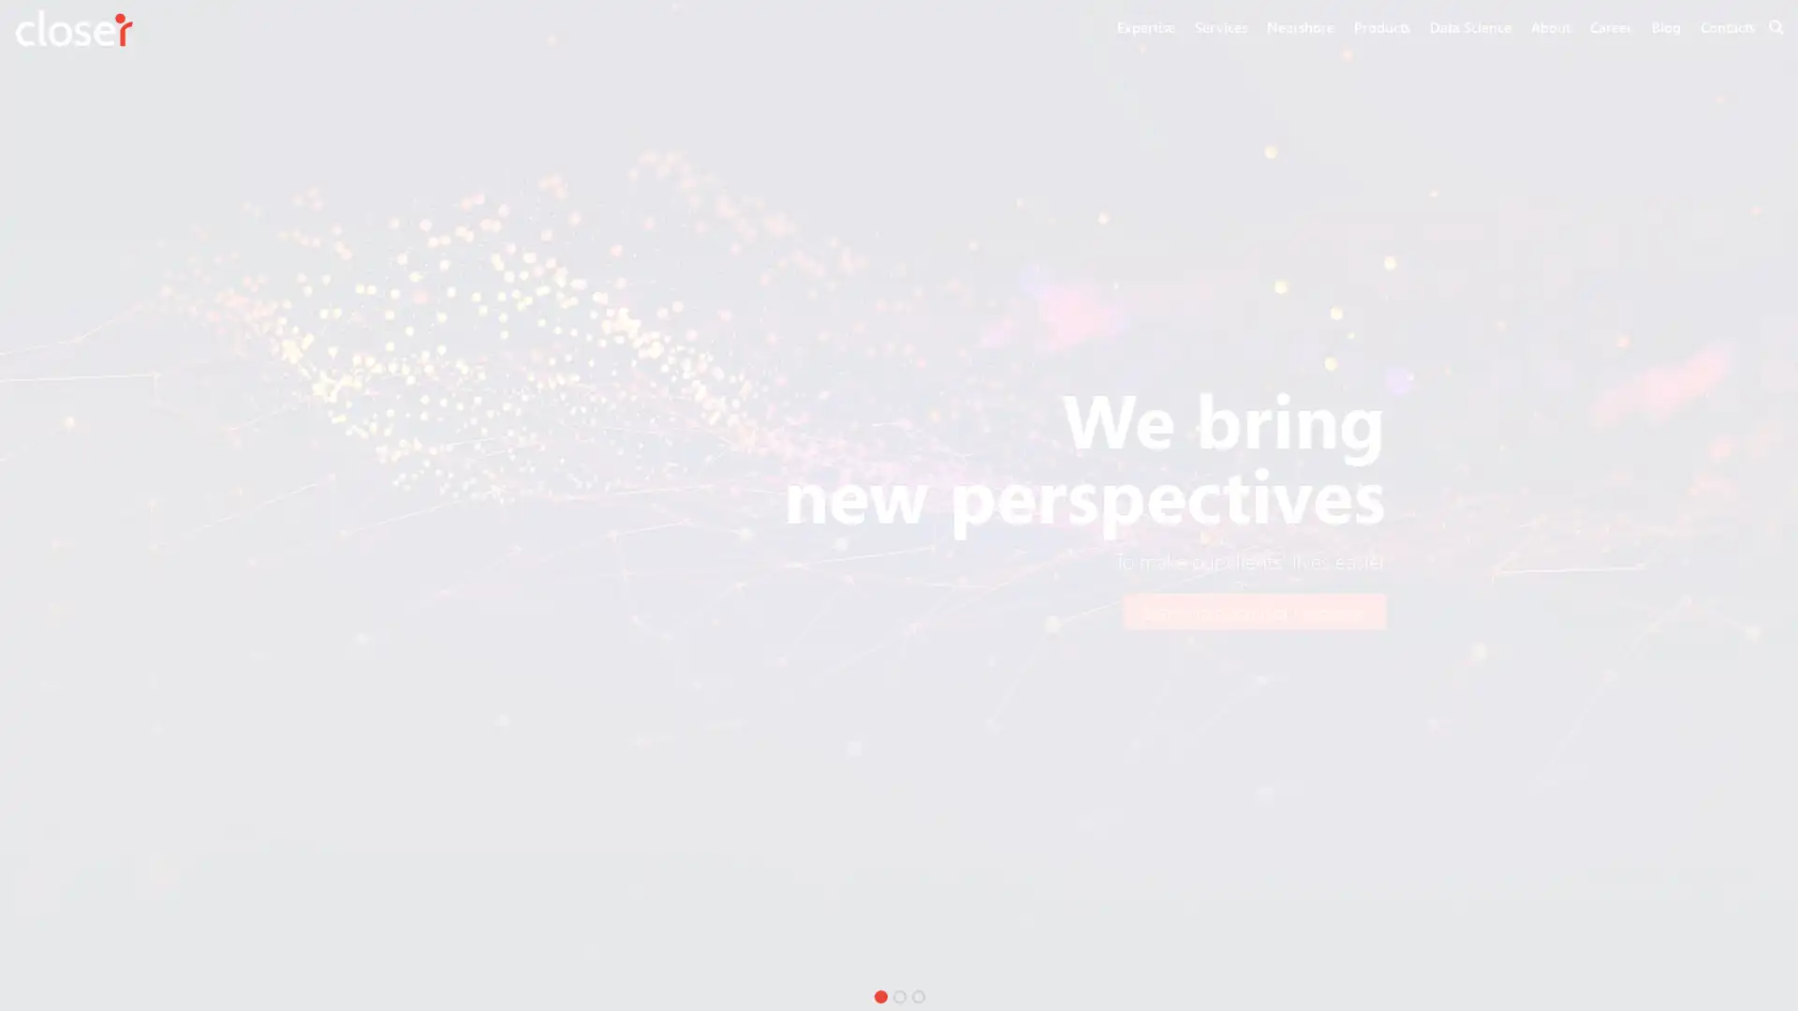 This screenshot has height=1011, width=1798. What do you see at coordinates (918, 995) in the screenshot?
I see `3` at bounding box center [918, 995].